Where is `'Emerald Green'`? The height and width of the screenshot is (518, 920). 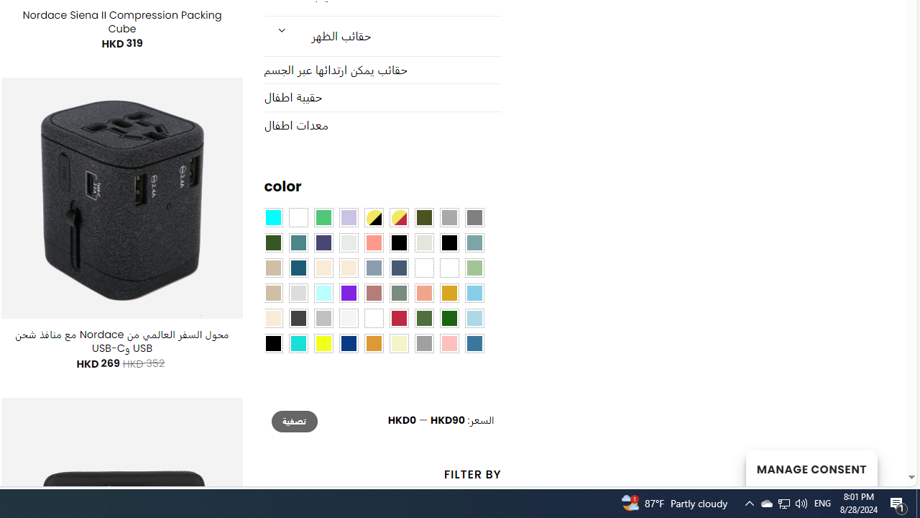 'Emerald Green' is located at coordinates (322, 218).